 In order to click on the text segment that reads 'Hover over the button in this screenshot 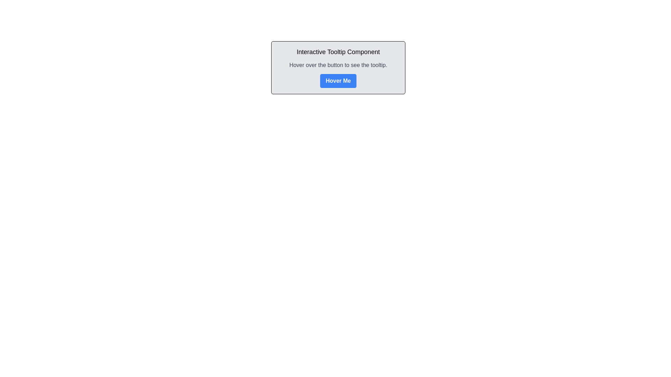, I will do `click(338, 65)`.